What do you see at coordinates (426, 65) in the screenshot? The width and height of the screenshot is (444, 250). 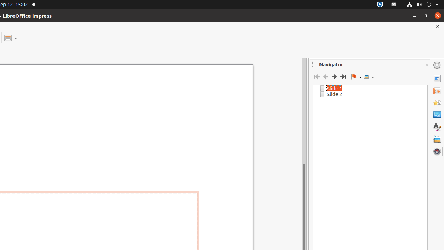 I see `'Close Sidebar Deck'` at bounding box center [426, 65].